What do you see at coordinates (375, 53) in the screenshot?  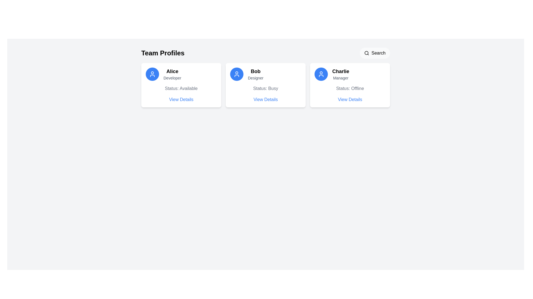 I see `the 'Search' button with a light gray background and a magnifying glass icon located in the top-right section of the 'Team Profiles' header` at bounding box center [375, 53].